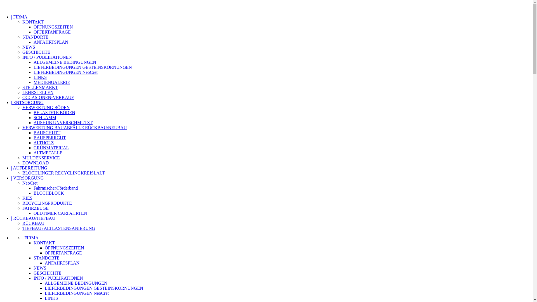 The width and height of the screenshot is (537, 302). Describe the element at coordinates (45, 117) in the screenshot. I see `'SCHLAMM'` at that location.